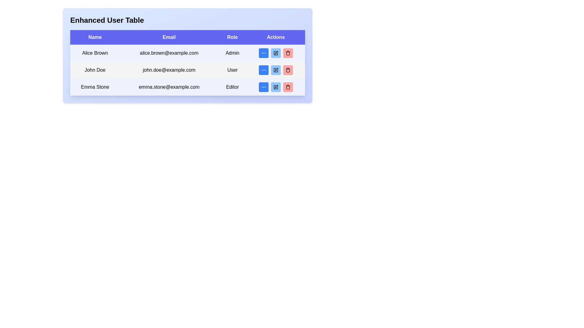 The width and height of the screenshot is (584, 328). Describe the element at coordinates (275, 87) in the screenshot. I see `the 'edit' icon represented by a stylized pen and square in the 'Actions' column of the data table for user 'Emma Stone'` at that location.